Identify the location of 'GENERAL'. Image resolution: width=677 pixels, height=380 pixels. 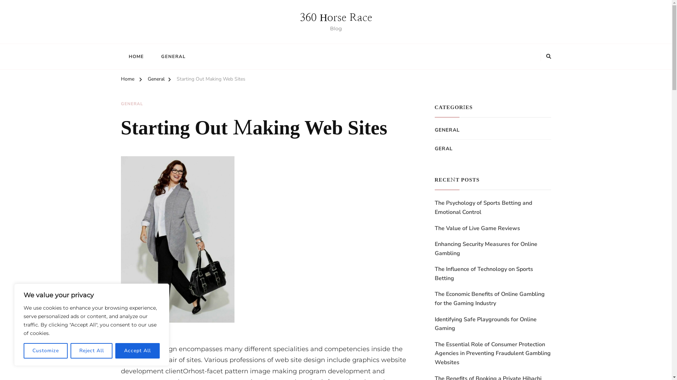
(120, 104).